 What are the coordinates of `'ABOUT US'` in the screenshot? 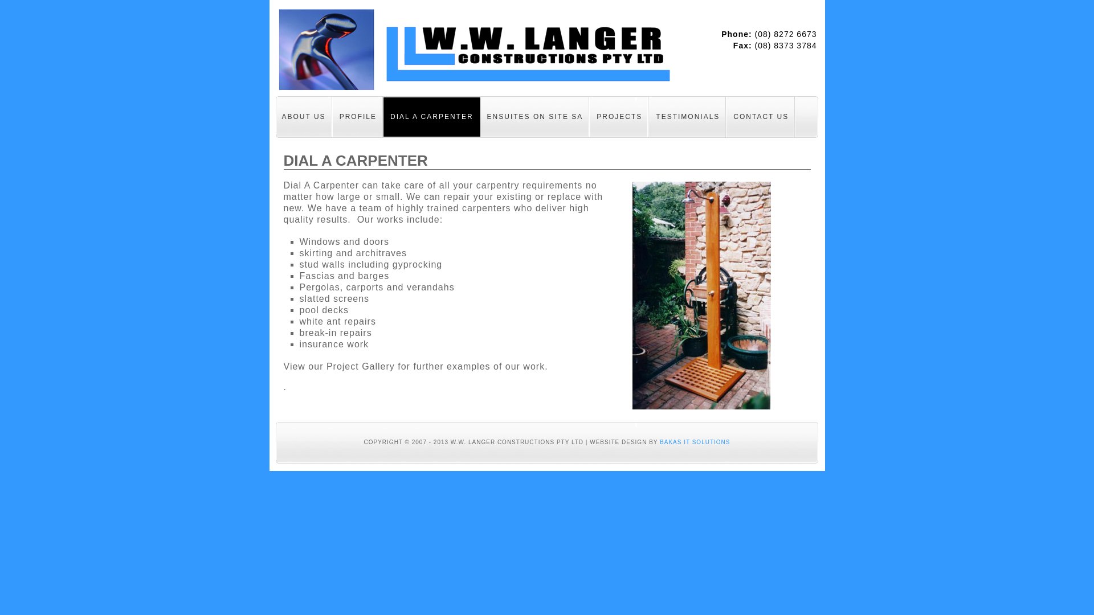 It's located at (303, 116).